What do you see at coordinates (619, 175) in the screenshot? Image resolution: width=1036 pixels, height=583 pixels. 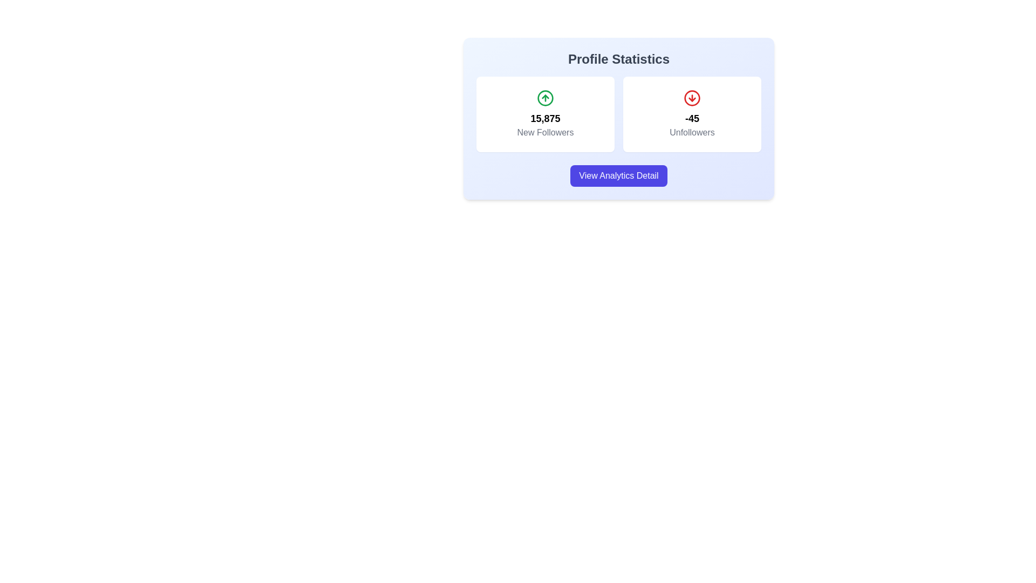 I see `the rectangular button with a rounded border and indigo background labeled 'View Analytics Detail', located at the bottom of the 'Profile Statistics' section` at bounding box center [619, 175].